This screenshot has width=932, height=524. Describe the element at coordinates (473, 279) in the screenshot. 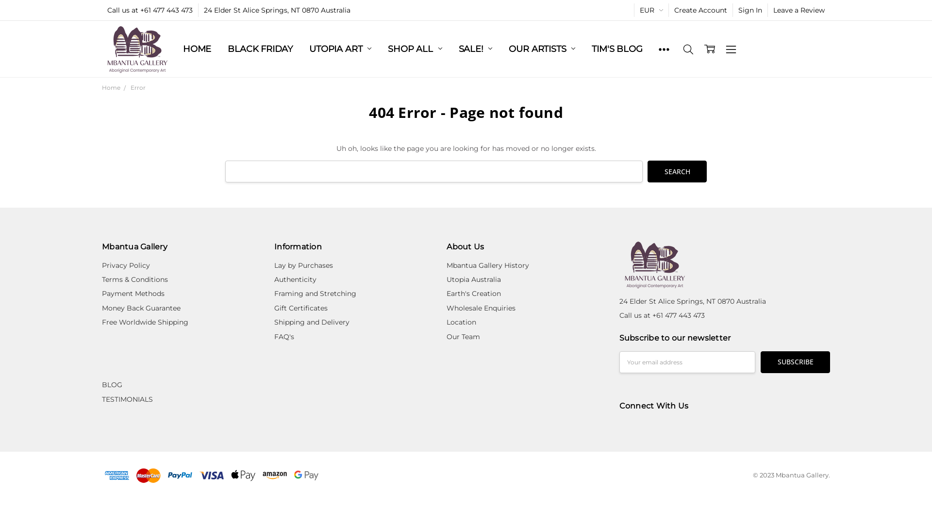

I see `'Utopia Australia'` at that location.